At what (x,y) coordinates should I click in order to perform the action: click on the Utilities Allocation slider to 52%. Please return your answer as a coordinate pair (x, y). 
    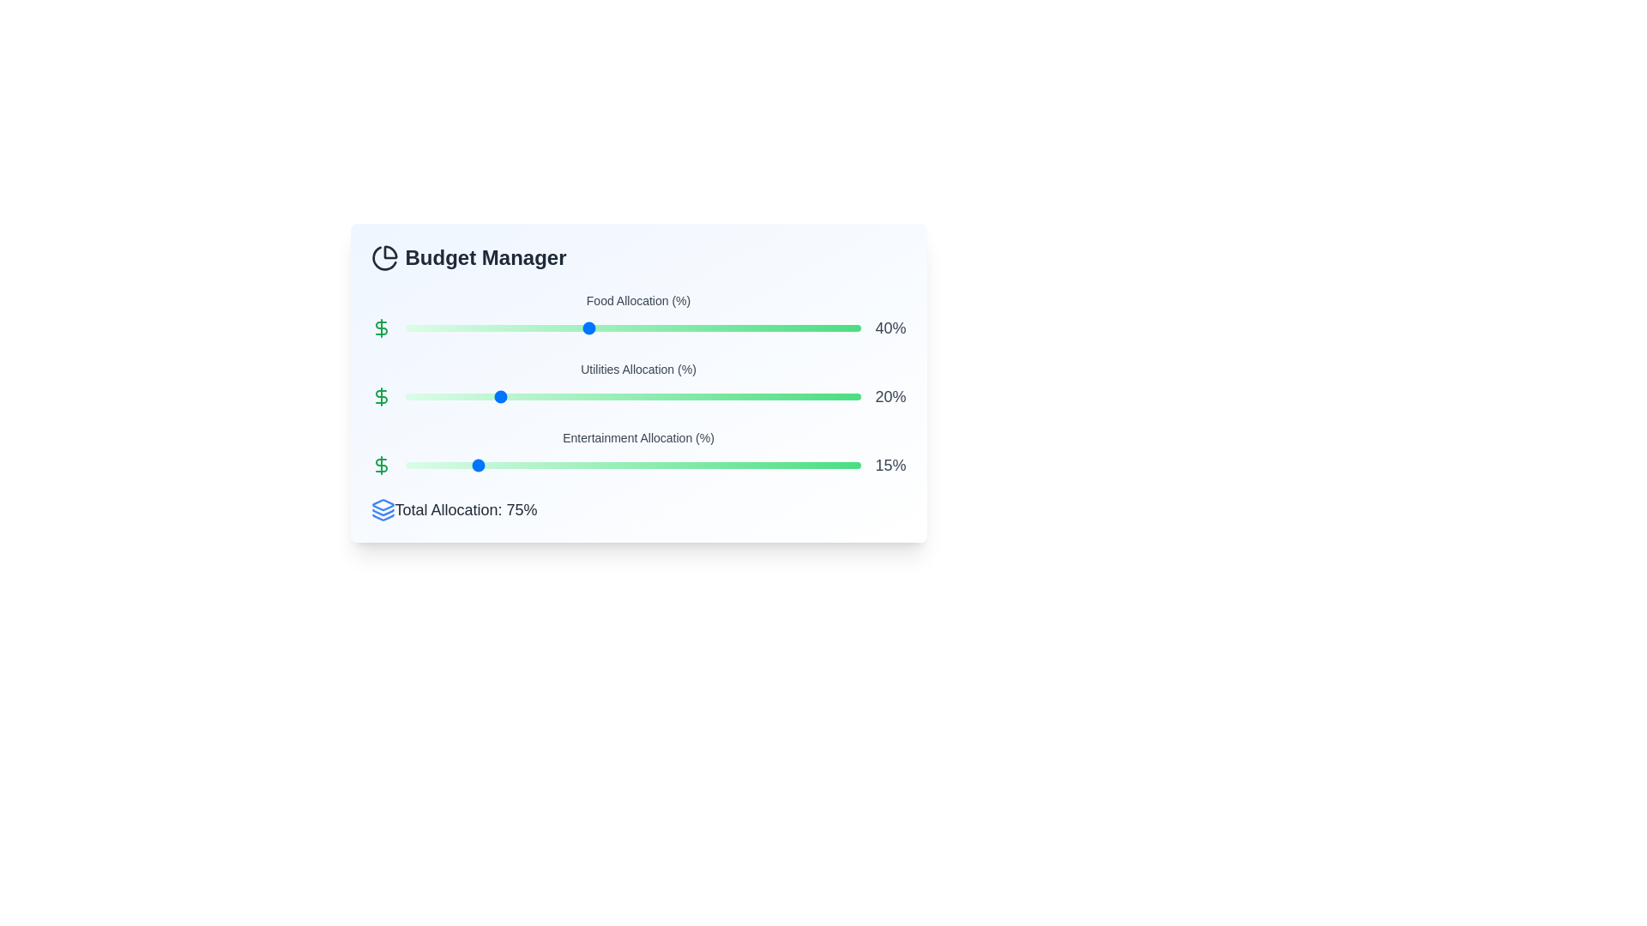
    Looking at the image, I should click on (642, 396).